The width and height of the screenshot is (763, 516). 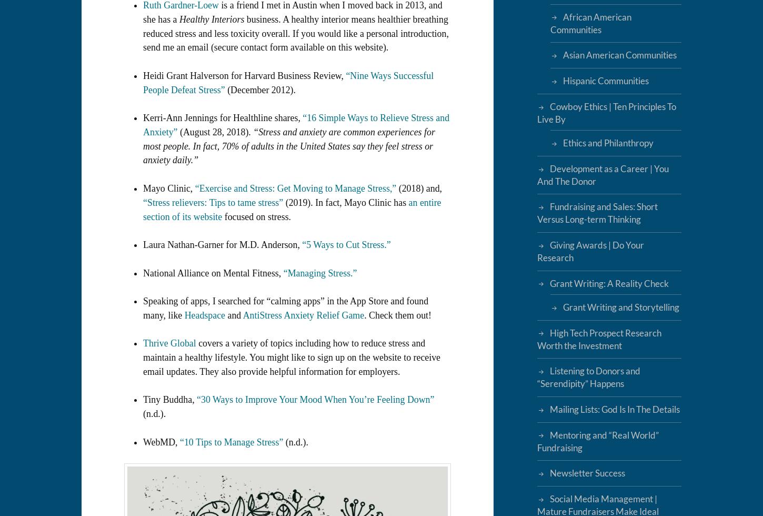 I want to click on '(2019). In fact, Mayo Clinic has', so click(x=345, y=202).